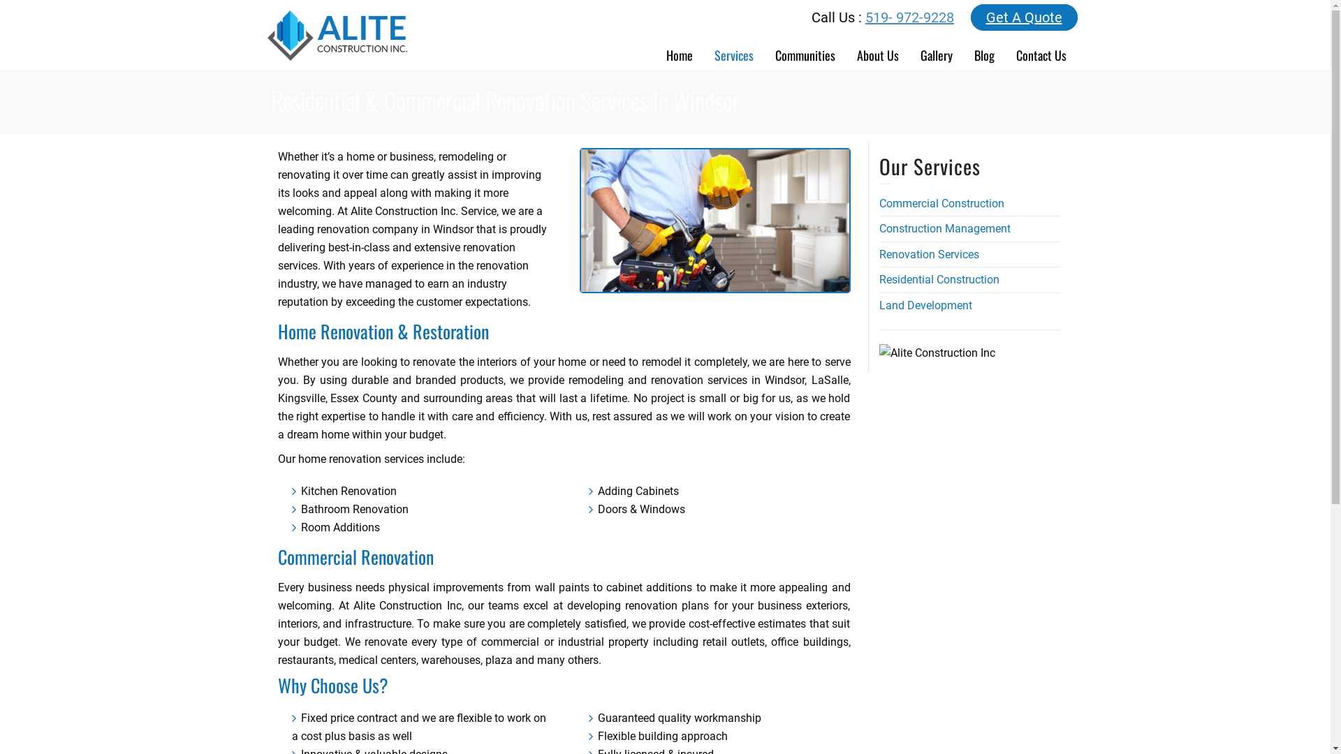 Image resolution: width=1341 pixels, height=754 pixels. Describe the element at coordinates (984, 50) in the screenshot. I see `'Blog'` at that location.